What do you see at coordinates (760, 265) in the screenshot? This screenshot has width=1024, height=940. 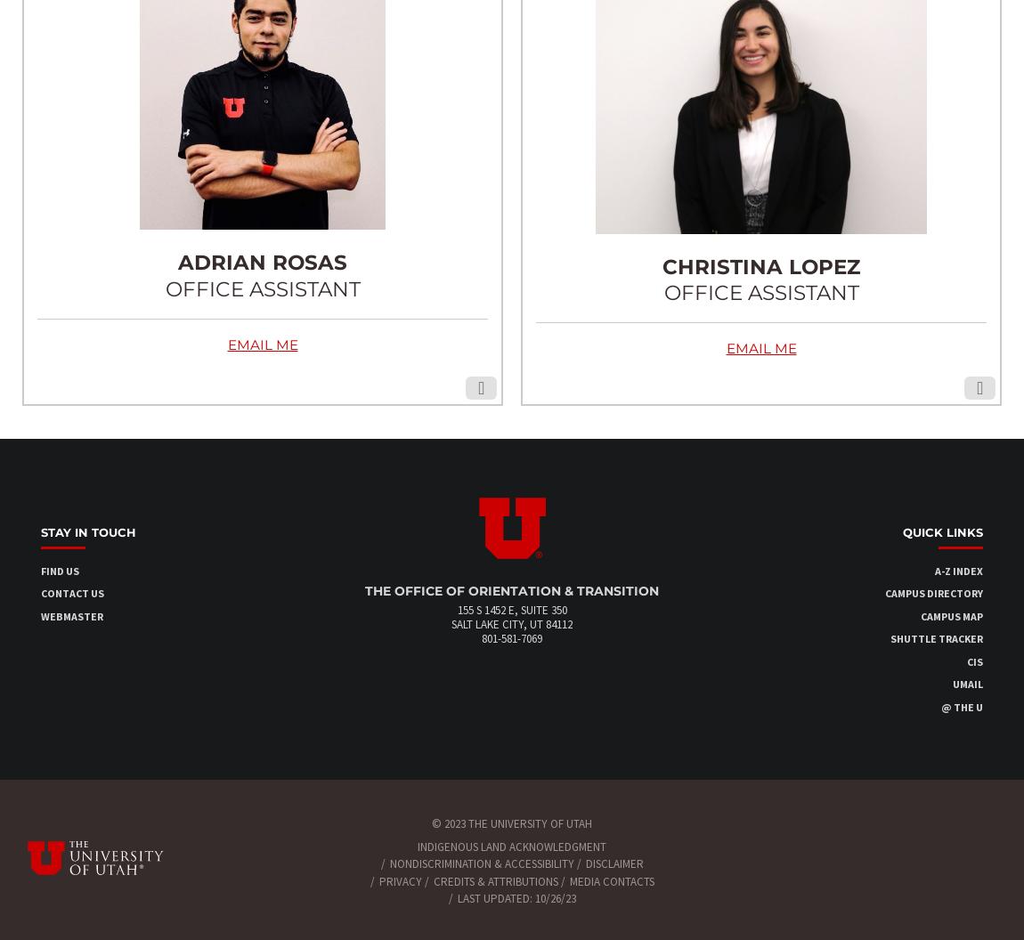 I see `'CHRISTINA LOPEZ'` at bounding box center [760, 265].